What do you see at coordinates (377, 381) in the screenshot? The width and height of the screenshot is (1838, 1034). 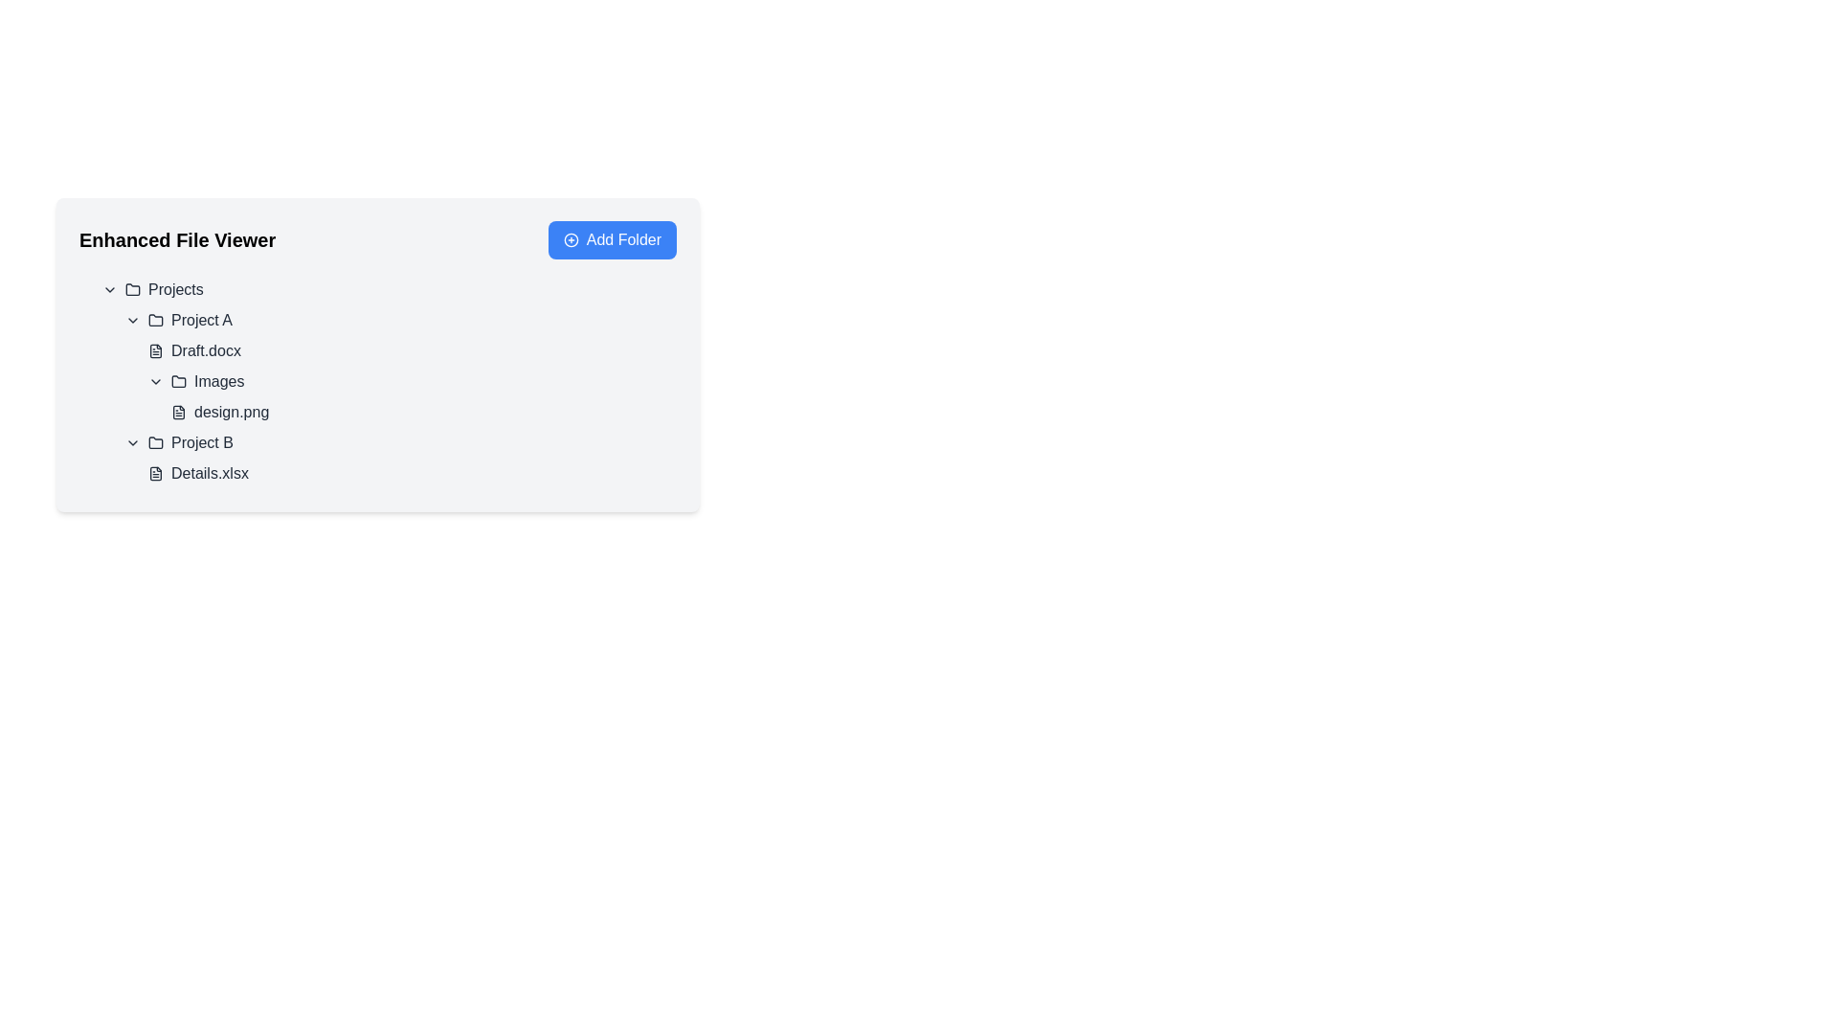 I see `a file or folder from the interactive hierarchical list located centrally beneath the 'Enhanced File Viewer' header` at bounding box center [377, 381].